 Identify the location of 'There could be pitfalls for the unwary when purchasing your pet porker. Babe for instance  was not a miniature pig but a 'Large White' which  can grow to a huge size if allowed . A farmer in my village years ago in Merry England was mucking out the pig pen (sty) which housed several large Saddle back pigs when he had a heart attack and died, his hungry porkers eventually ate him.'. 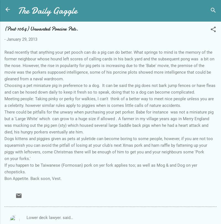
(109, 122).